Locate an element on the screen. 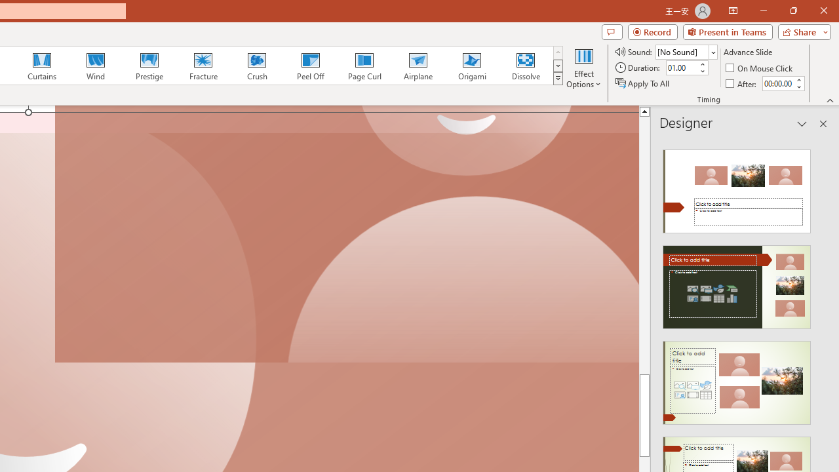 The height and width of the screenshot is (472, 839). 'Dissolve' is located at coordinates (526, 66).